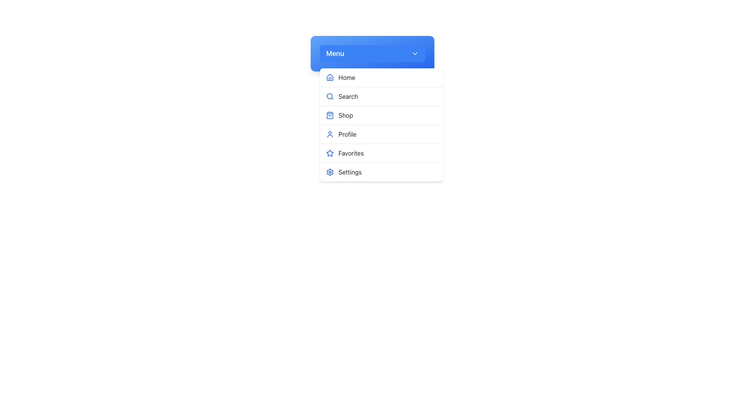  Describe the element at coordinates (373, 53) in the screenshot. I see `the dropdown menu trigger button located at the upper center of the interface with a blue background` at that location.